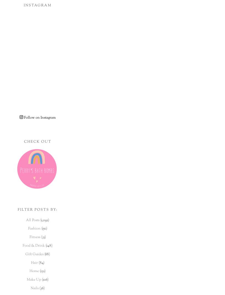  I want to click on 'All Posts', so click(32, 220).